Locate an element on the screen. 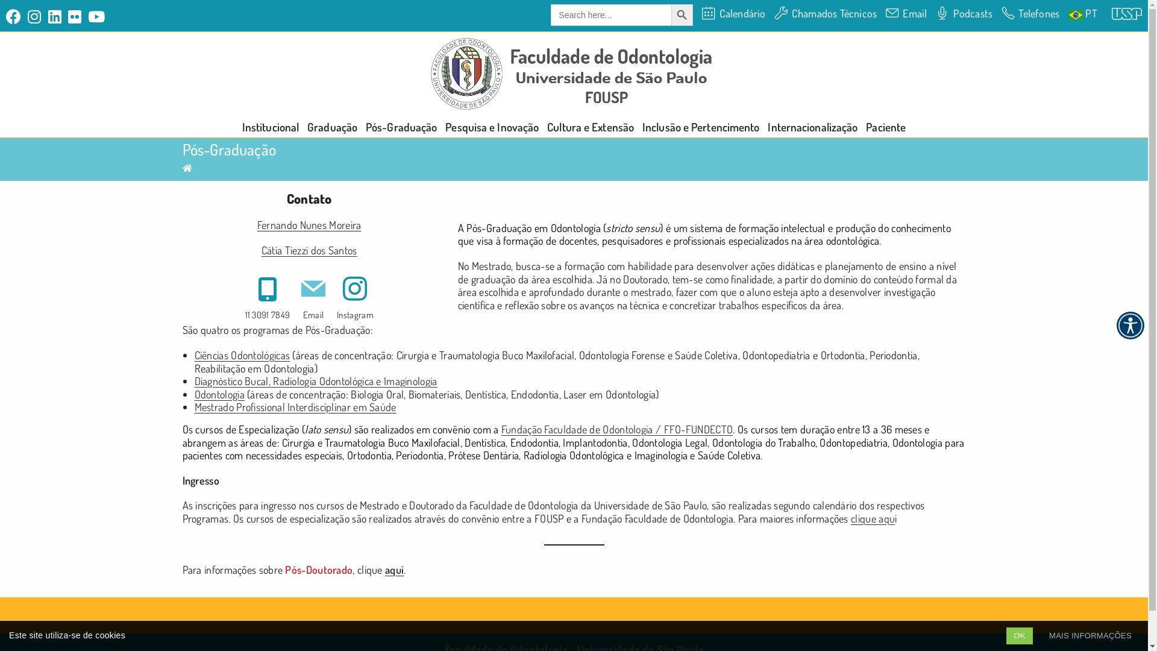 Image resolution: width=1157 pixels, height=651 pixels. 'PT' is located at coordinates (1068, 13).